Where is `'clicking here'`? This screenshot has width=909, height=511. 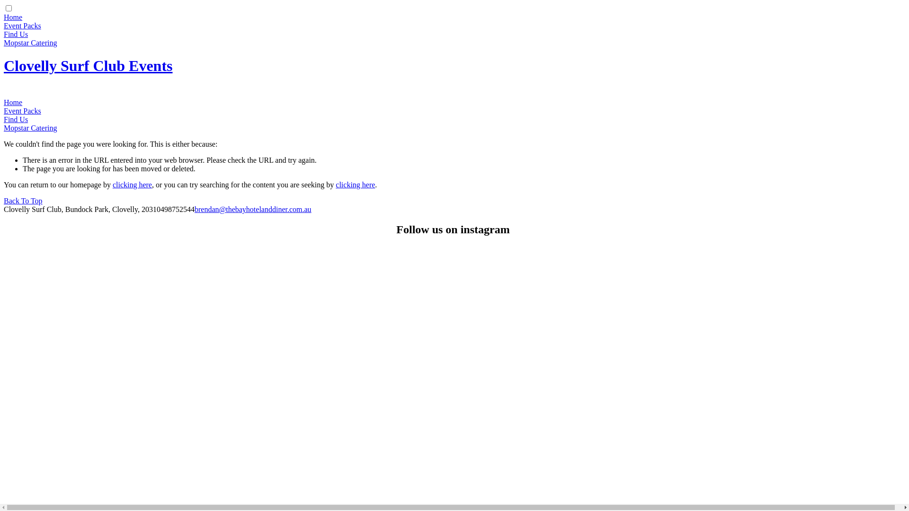 'clicking here' is located at coordinates (132, 185).